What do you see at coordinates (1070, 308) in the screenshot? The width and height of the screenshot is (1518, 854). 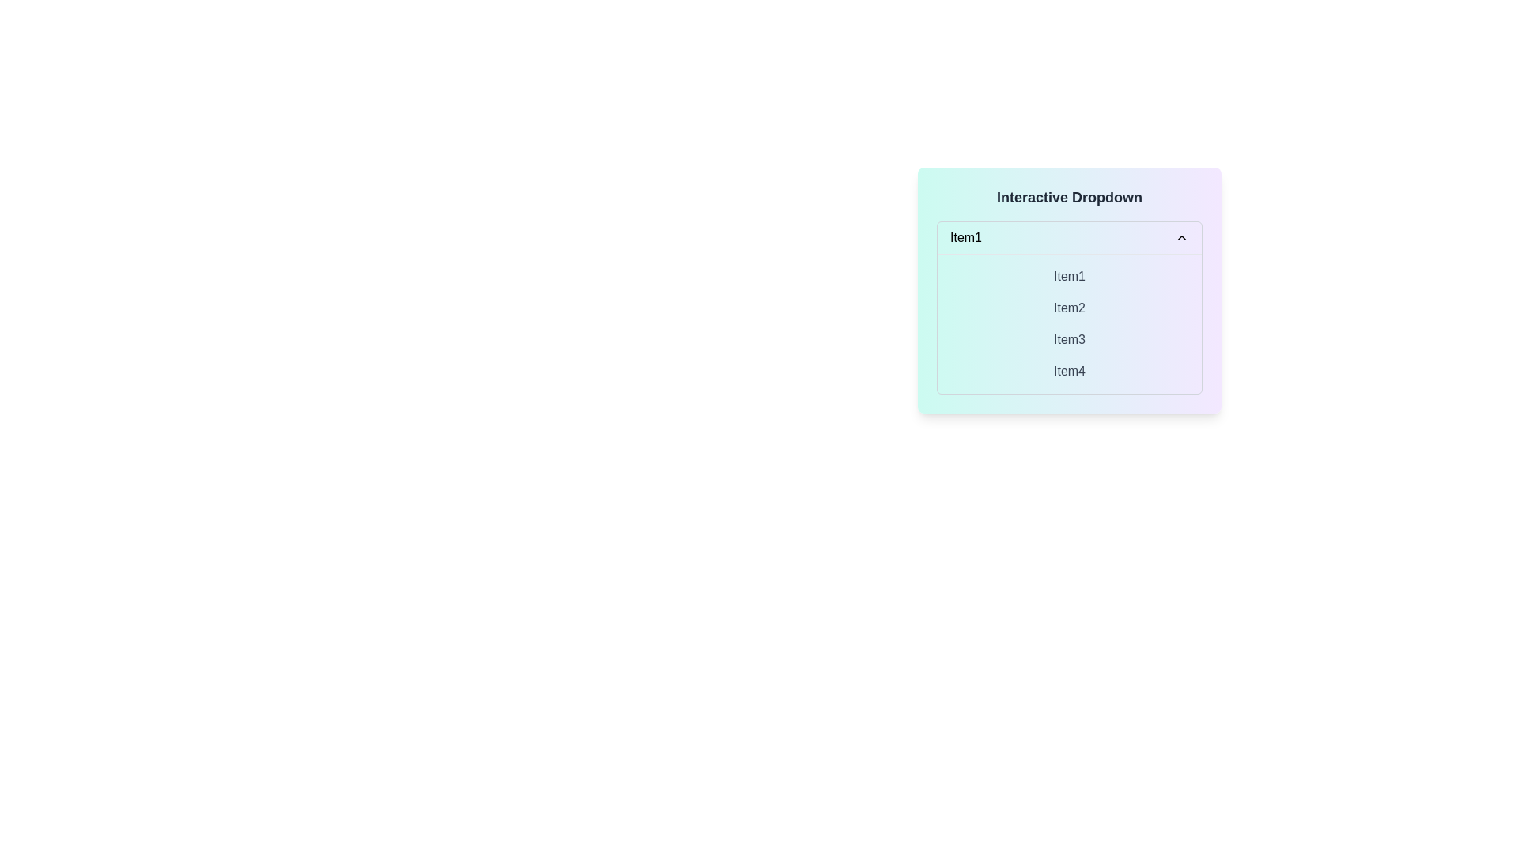 I see `an item in the dropdown menu located below the header 'Interactive Dropdown'` at bounding box center [1070, 308].